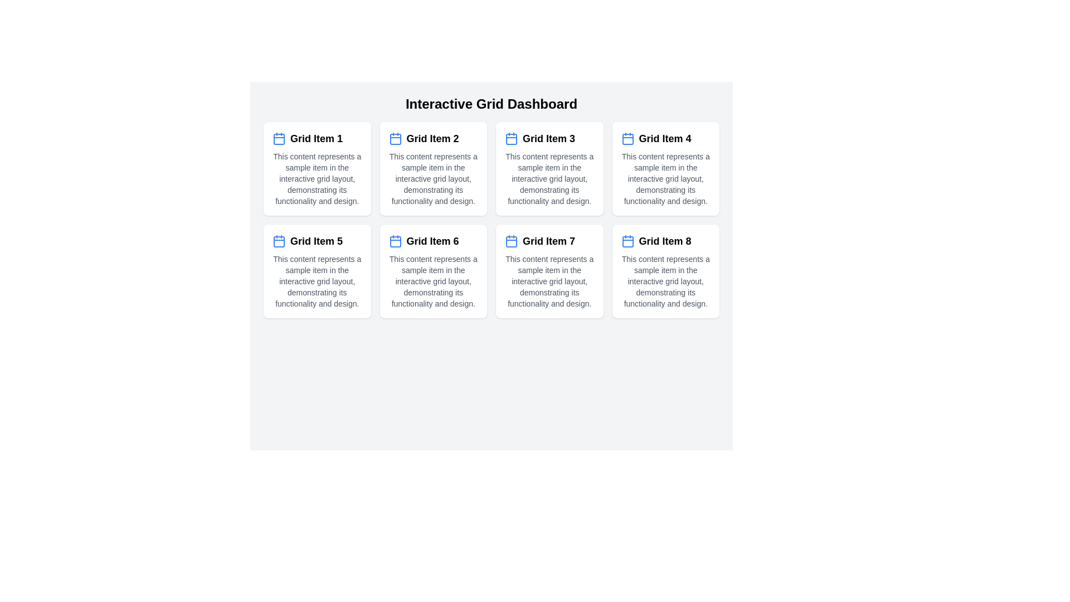 This screenshot has width=1070, height=602. I want to click on the static information card representing 'Grid Item 4' in the interactive grid layout, located at the top-right corner of the grid, so click(665, 169).